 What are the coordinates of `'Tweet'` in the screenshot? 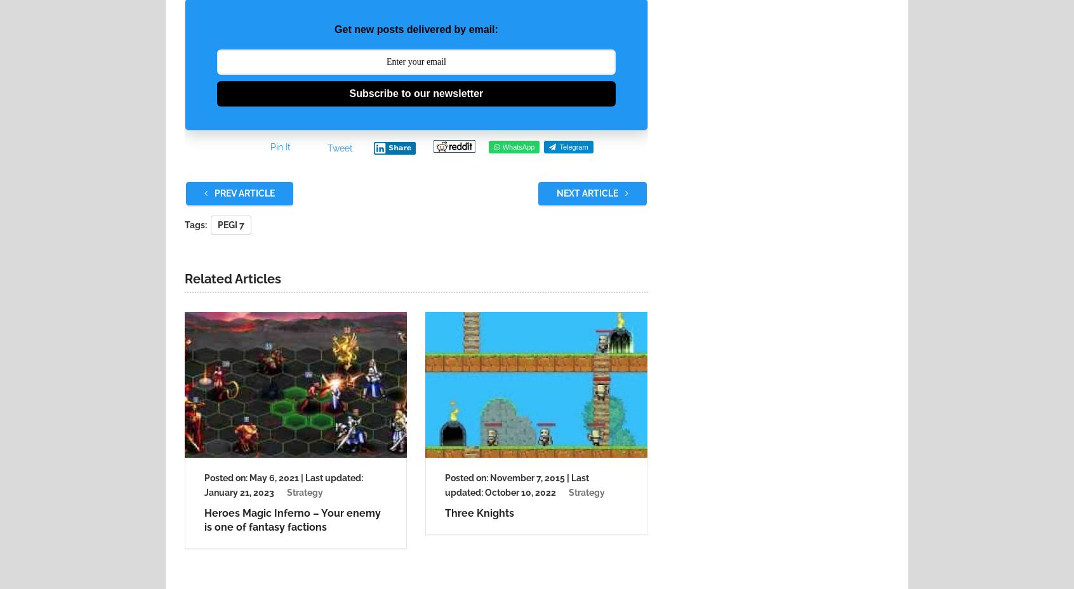 It's located at (340, 146).